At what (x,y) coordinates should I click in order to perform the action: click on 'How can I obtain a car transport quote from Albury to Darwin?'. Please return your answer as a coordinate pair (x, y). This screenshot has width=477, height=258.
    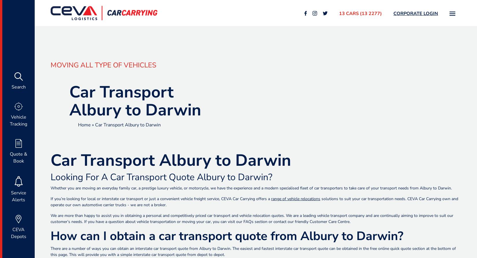
    Looking at the image, I should click on (227, 236).